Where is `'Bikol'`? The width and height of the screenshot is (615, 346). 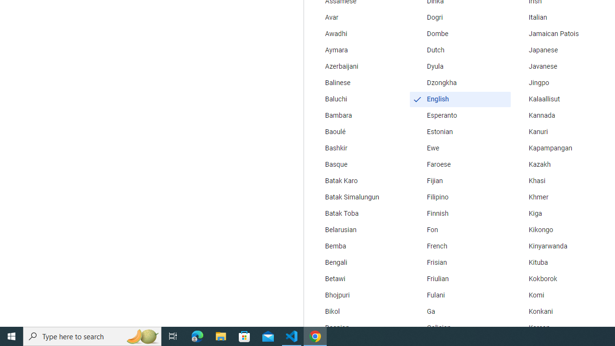
'Bikol' is located at coordinates (357, 312).